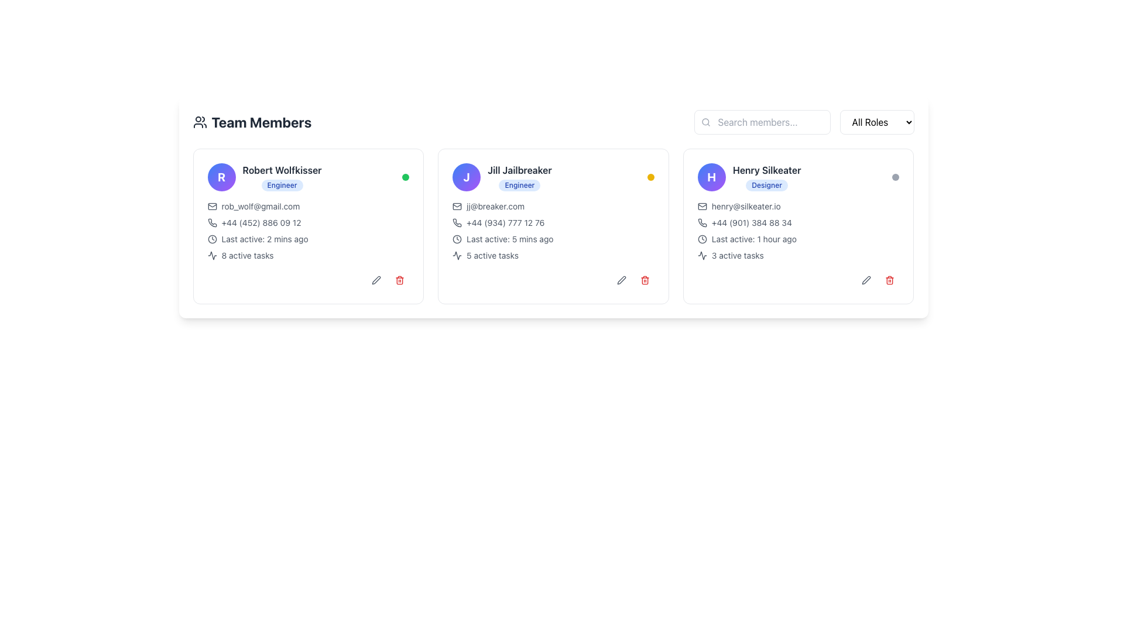  What do you see at coordinates (644, 280) in the screenshot?
I see `the red trash bin icon located at the bottom-right corner of the team member card` at bounding box center [644, 280].